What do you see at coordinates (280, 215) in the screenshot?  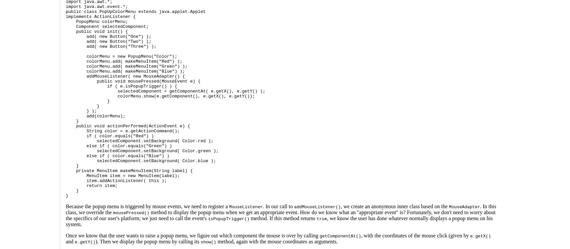 I see `'method to display the
popup menu when we get an appropriate event. How do we know what an
"appropriate event" is? Fortunately, we don't need to worry about the
specifics of our user's platform; we just need to call the event's'` at bounding box center [280, 215].